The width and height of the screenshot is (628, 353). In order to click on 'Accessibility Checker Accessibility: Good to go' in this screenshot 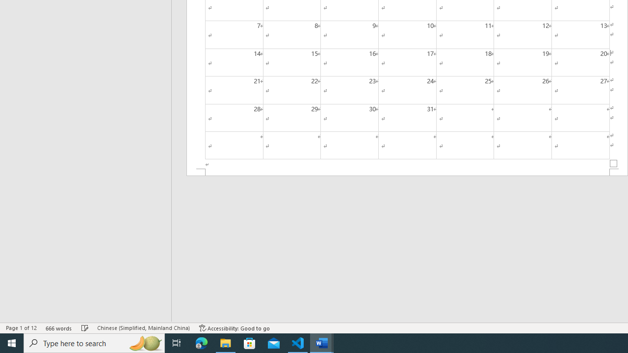, I will do `click(234, 328)`.